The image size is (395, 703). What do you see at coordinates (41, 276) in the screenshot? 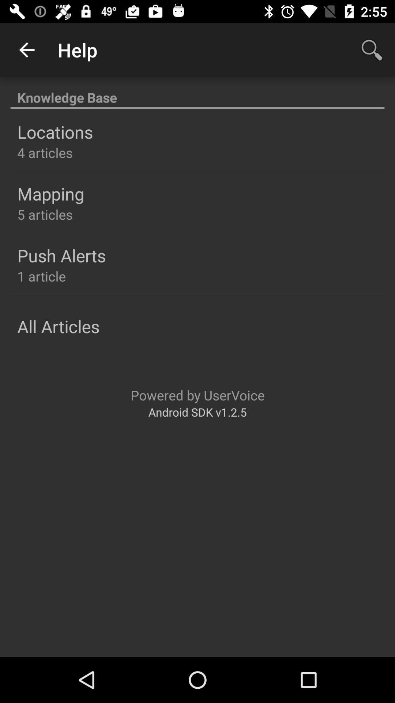
I see `the 1 article item` at bounding box center [41, 276].